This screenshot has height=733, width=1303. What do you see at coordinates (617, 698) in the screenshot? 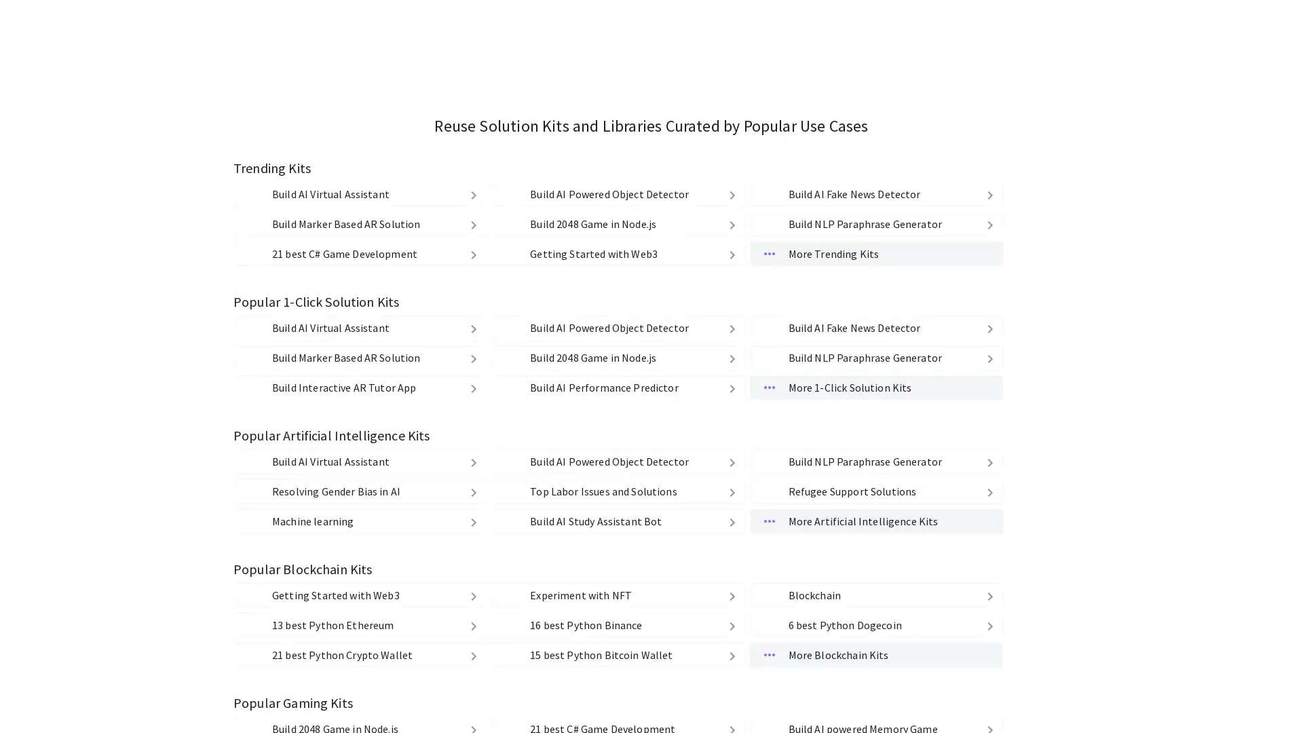
I see `1110 Build 2048 Game in Node.js` at bounding box center [617, 698].